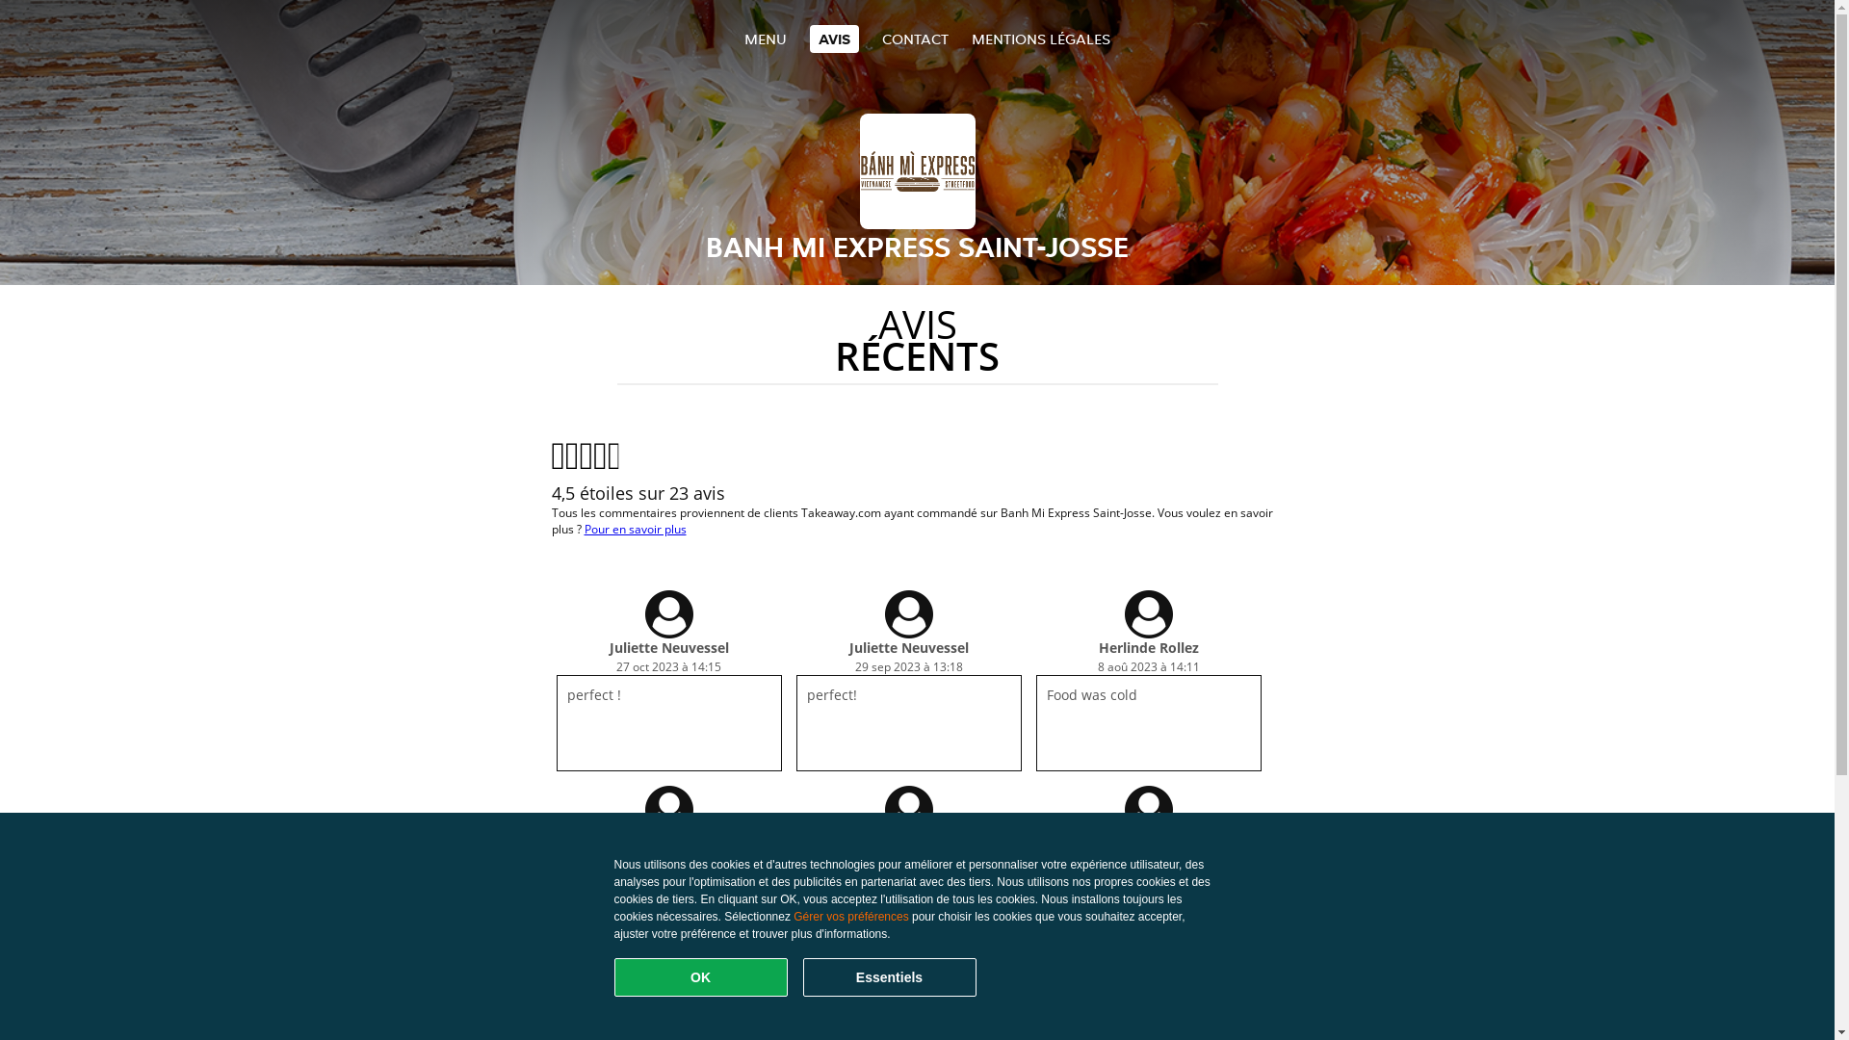  What do you see at coordinates (700, 976) in the screenshot?
I see `'OK'` at bounding box center [700, 976].